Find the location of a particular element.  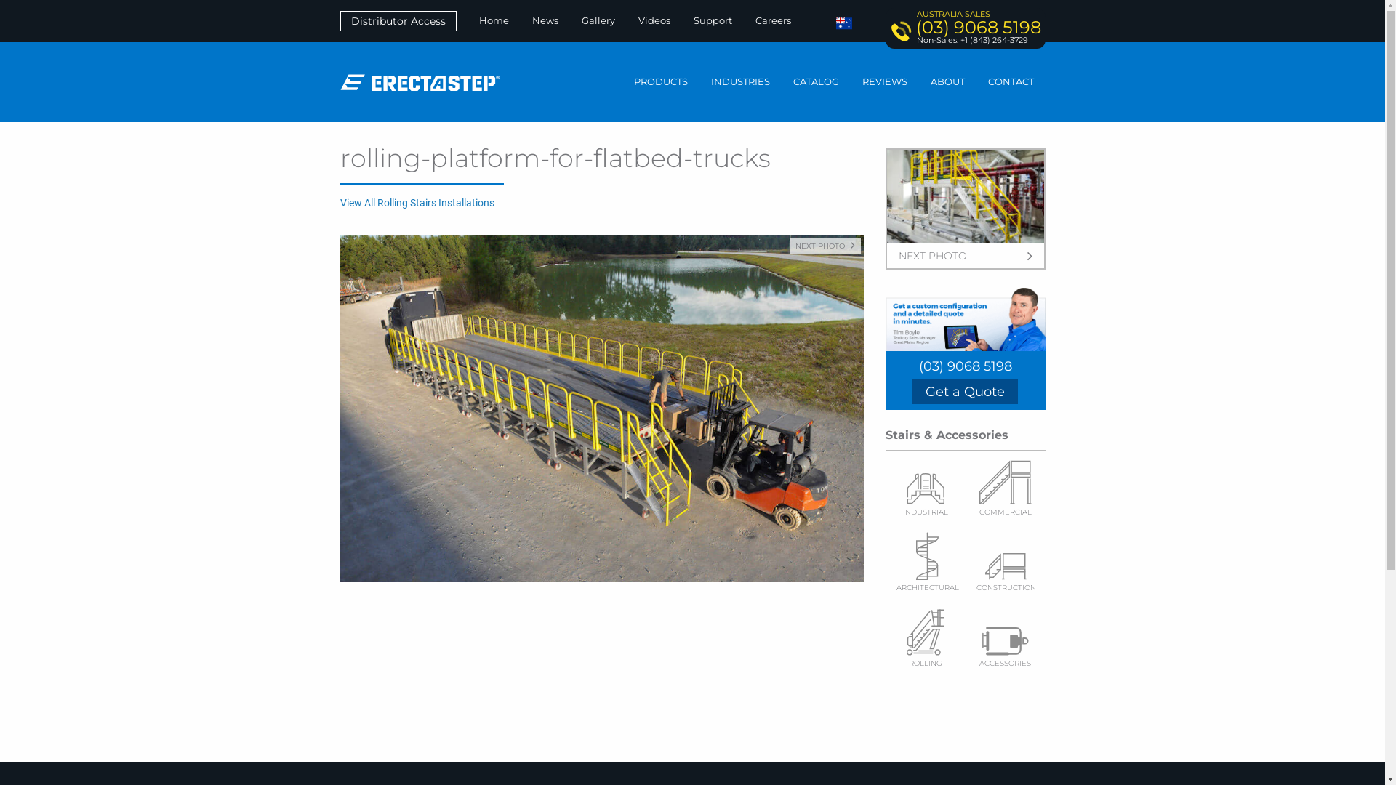

'Distributor Access' is located at coordinates (398, 21).